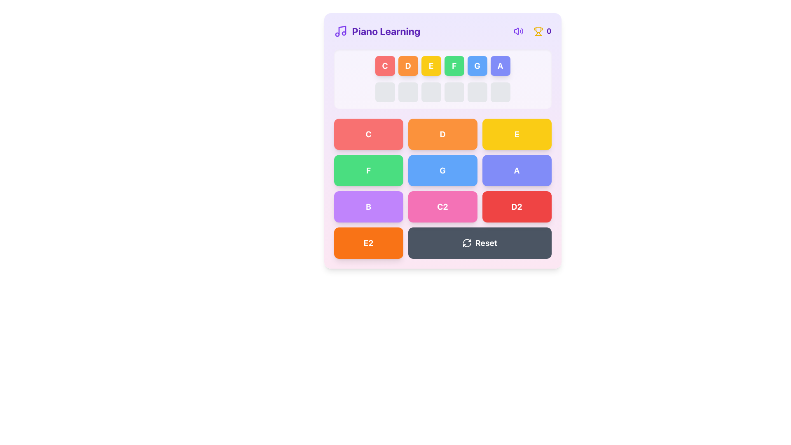 The width and height of the screenshot is (791, 445). Describe the element at coordinates (516, 206) in the screenshot. I see `the red button with the text 'D2'` at that location.